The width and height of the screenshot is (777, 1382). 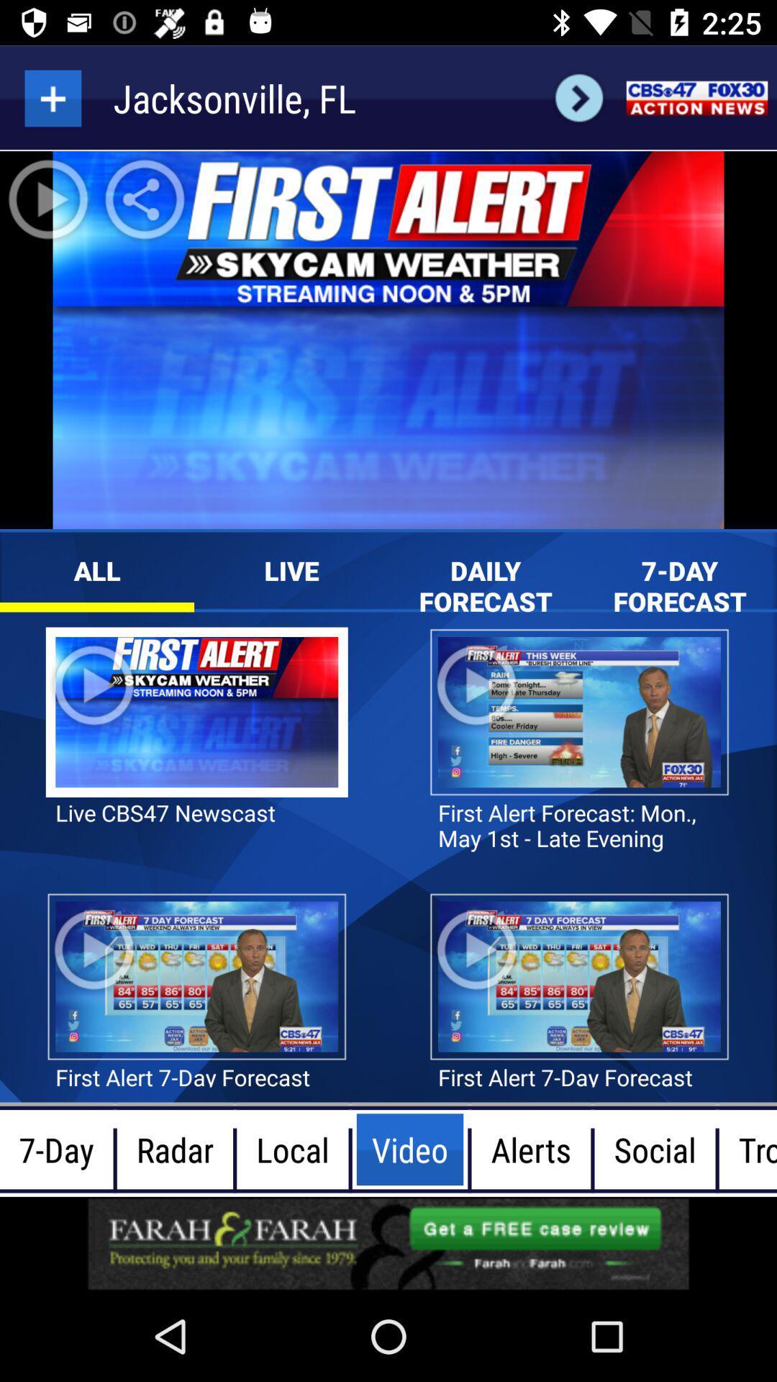 I want to click on the add icon, so click(x=52, y=97).